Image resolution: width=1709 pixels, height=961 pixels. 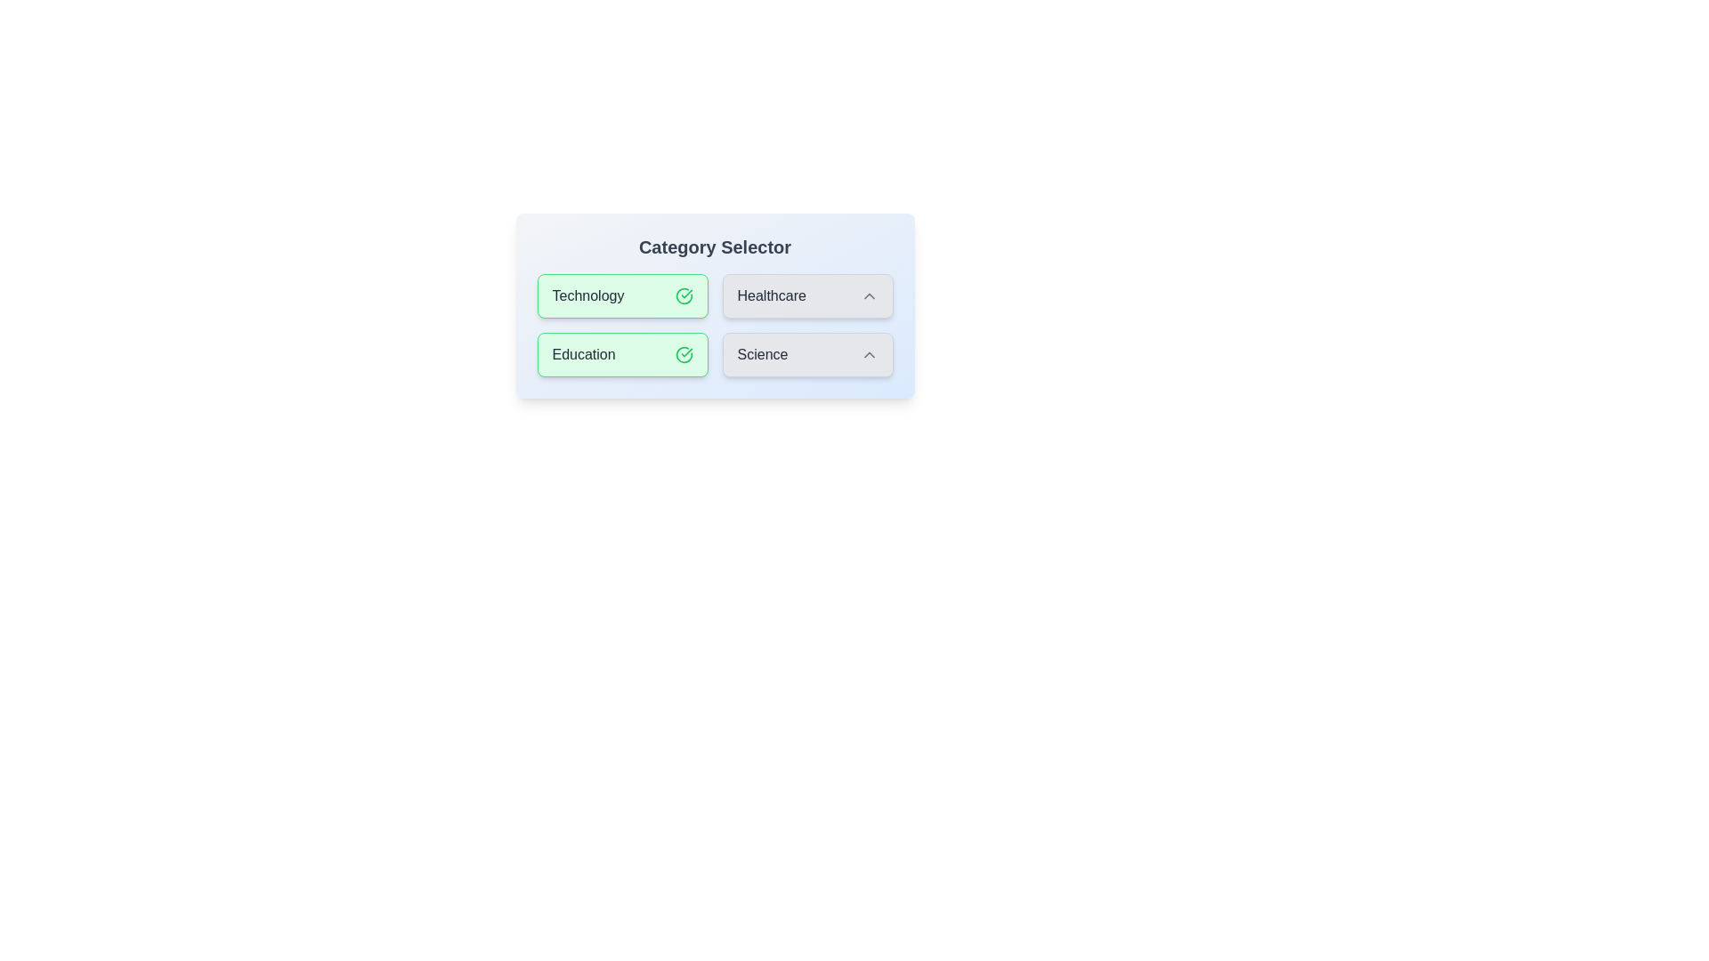 What do you see at coordinates (806, 354) in the screenshot?
I see `the category Science to observe the hover effect` at bounding box center [806, 354].